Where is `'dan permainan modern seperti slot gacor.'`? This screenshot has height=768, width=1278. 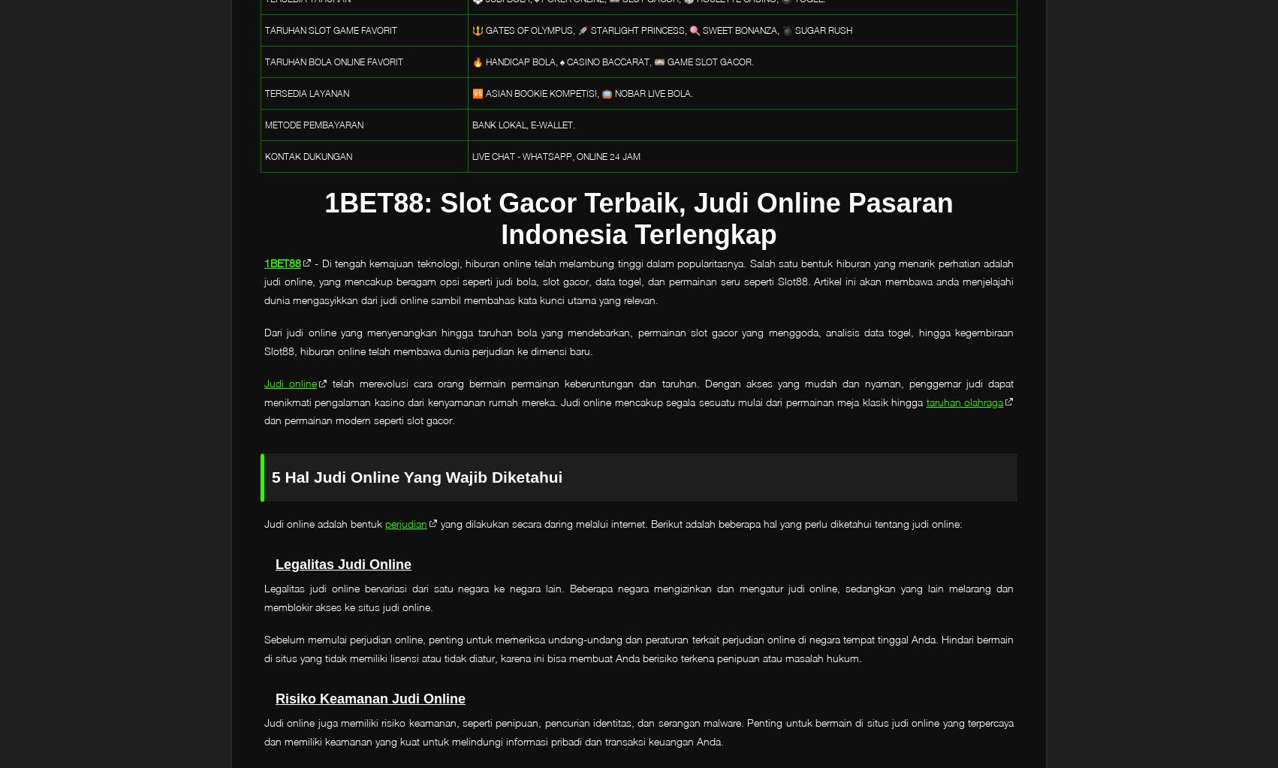
'dan permainan modern seperti slot gacor.' is located at coordinates (358, 420).